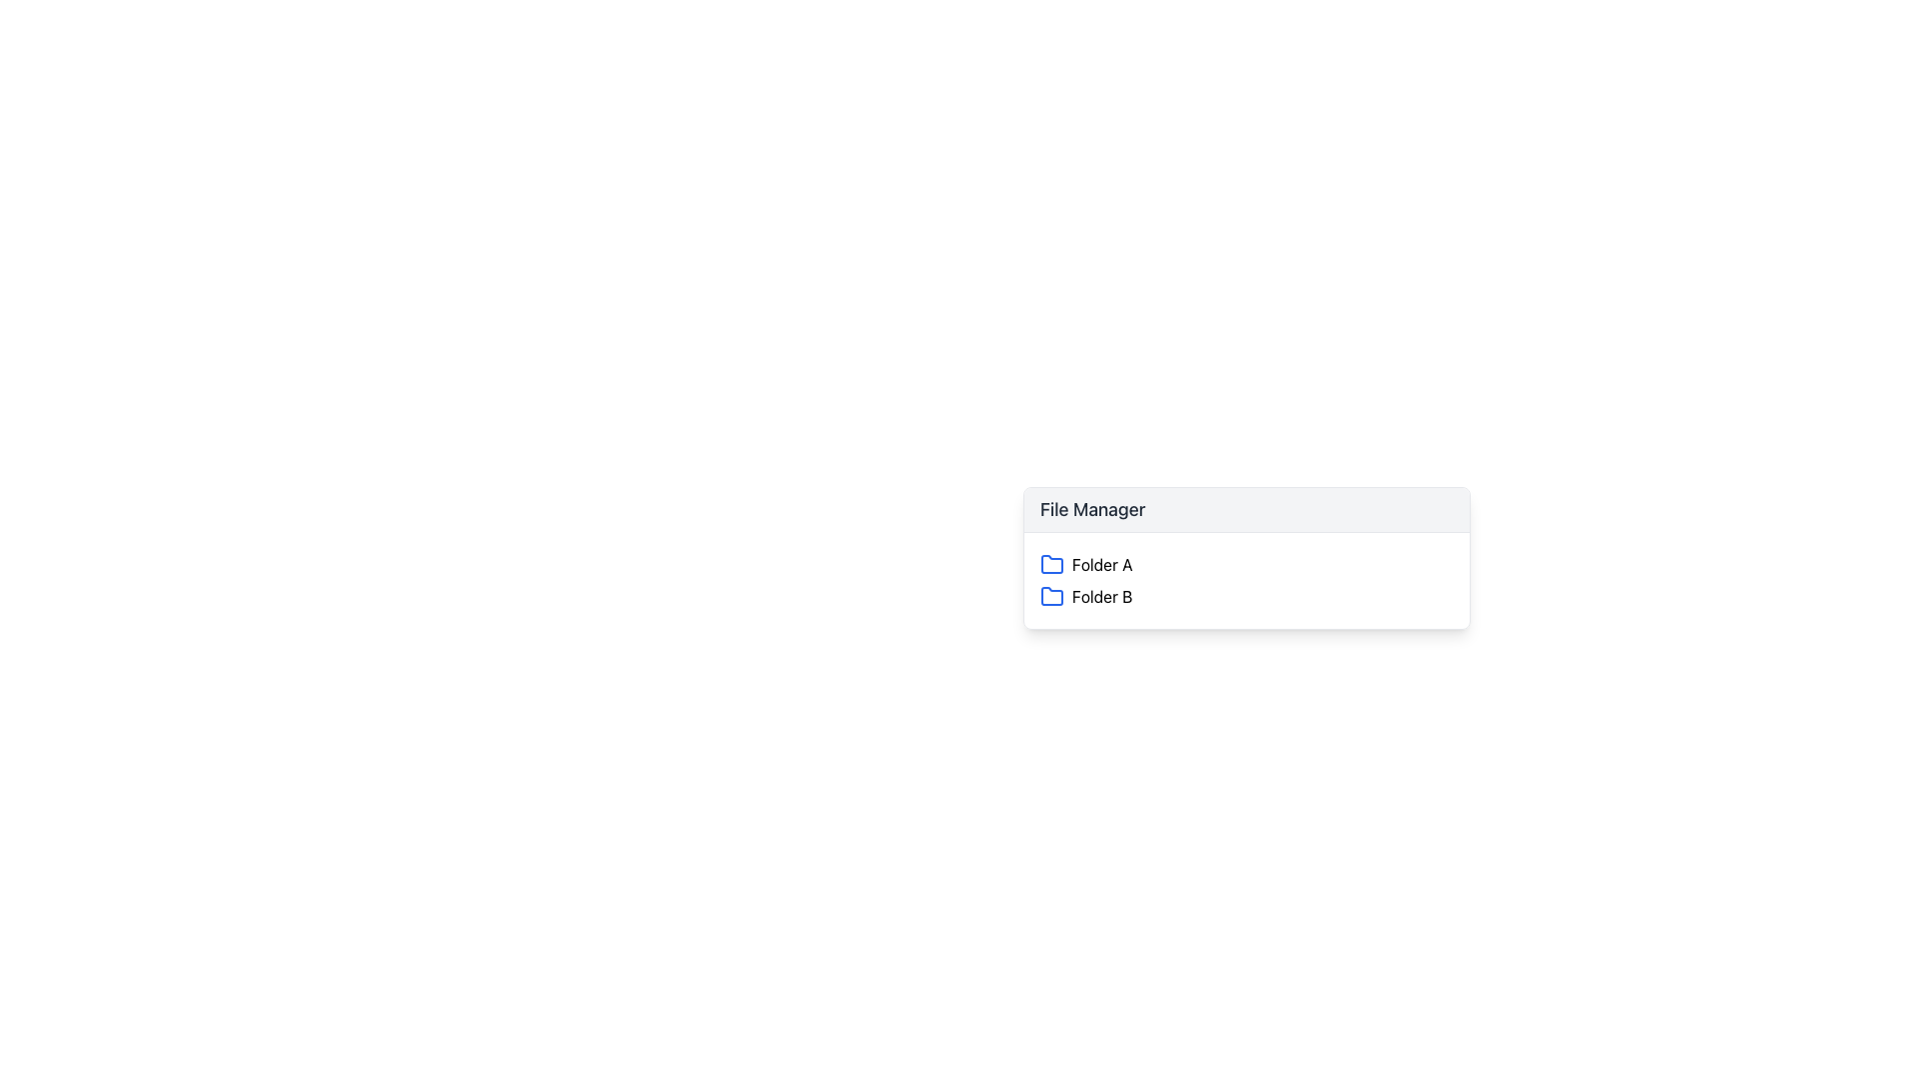 The height and width of the screenshot is (1078, 1917). Describe the element at coordinates (1051, 595) in the screenshot. I see `the blue outlined folder icon` at that location.